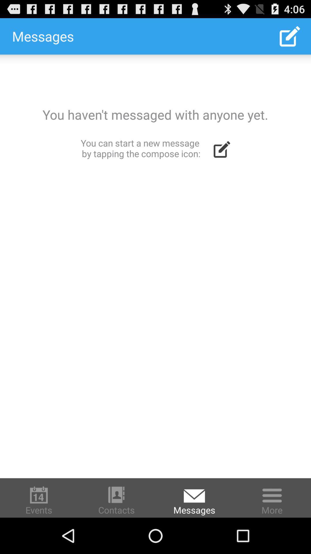  I want to click on compose a new message, so click(155, 266).